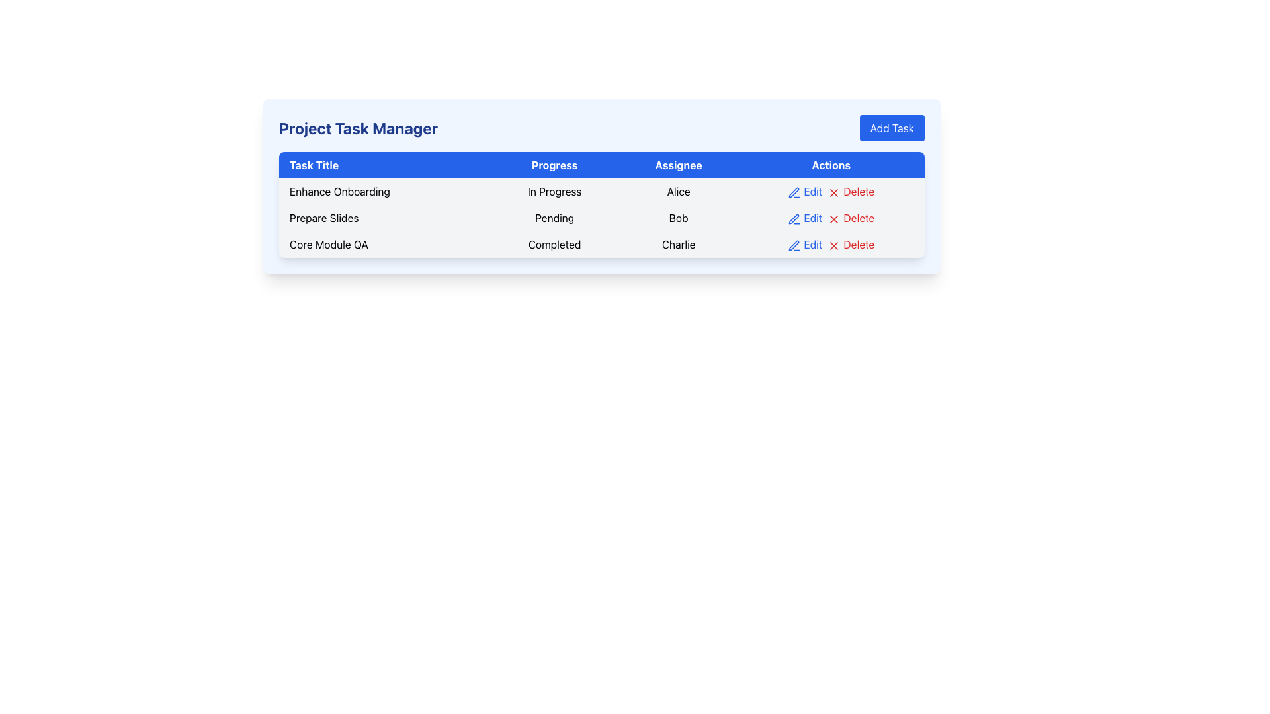 This screenshot has height=714, width=1270. Describe the element at coordinates (554, 165) in the screenshot. I see `the 'Progress' Text Label, which is displayed in bold white font on a blue background, centrally located in a row of four headers within a table layout in the project management dashboard` at that location.